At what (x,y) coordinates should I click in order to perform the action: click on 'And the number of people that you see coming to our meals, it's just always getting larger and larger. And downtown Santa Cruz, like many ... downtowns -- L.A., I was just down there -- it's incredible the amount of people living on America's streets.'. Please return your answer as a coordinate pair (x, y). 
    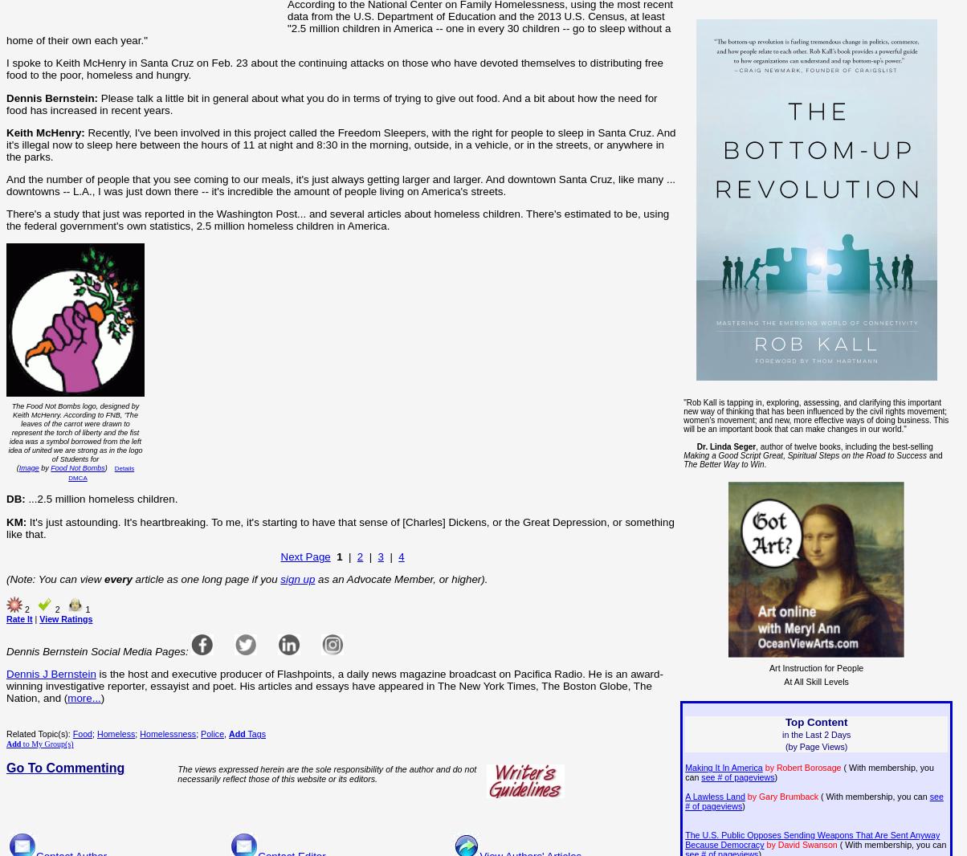
    Looking at the image, I should click on (340, 185).